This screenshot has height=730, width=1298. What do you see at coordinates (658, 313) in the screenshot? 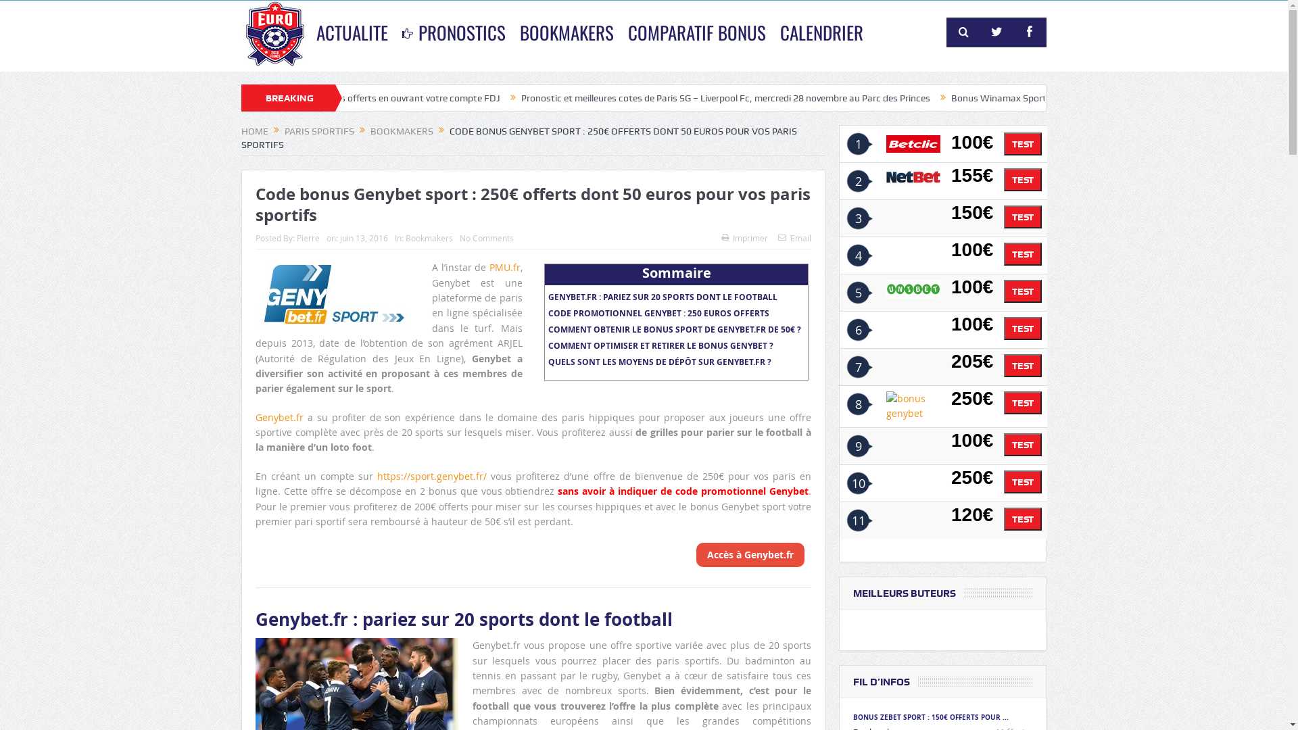
I see `'CODE PROMOTIONNEL GENYBET : 250 EUROS OFFERTS'` at bounding box center [658, 313].